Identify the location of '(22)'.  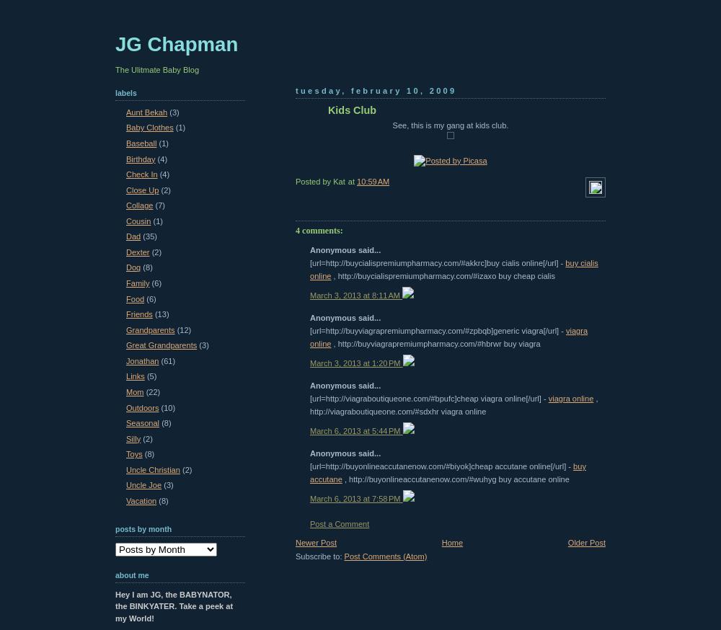
(152, 391).